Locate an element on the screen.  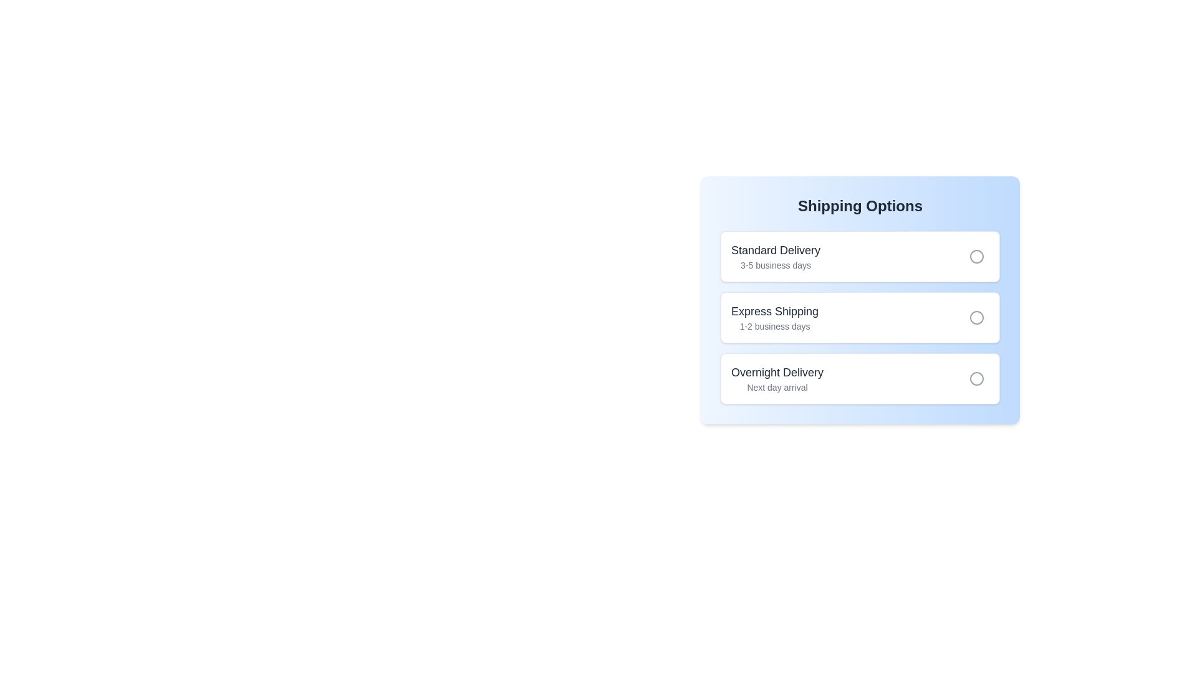
the unfilled circular radio button located at the far right of the 'Overnight Delivery' option in the 'Shipping Options' list to indicate interactivity is located at coordinates (976, 378).